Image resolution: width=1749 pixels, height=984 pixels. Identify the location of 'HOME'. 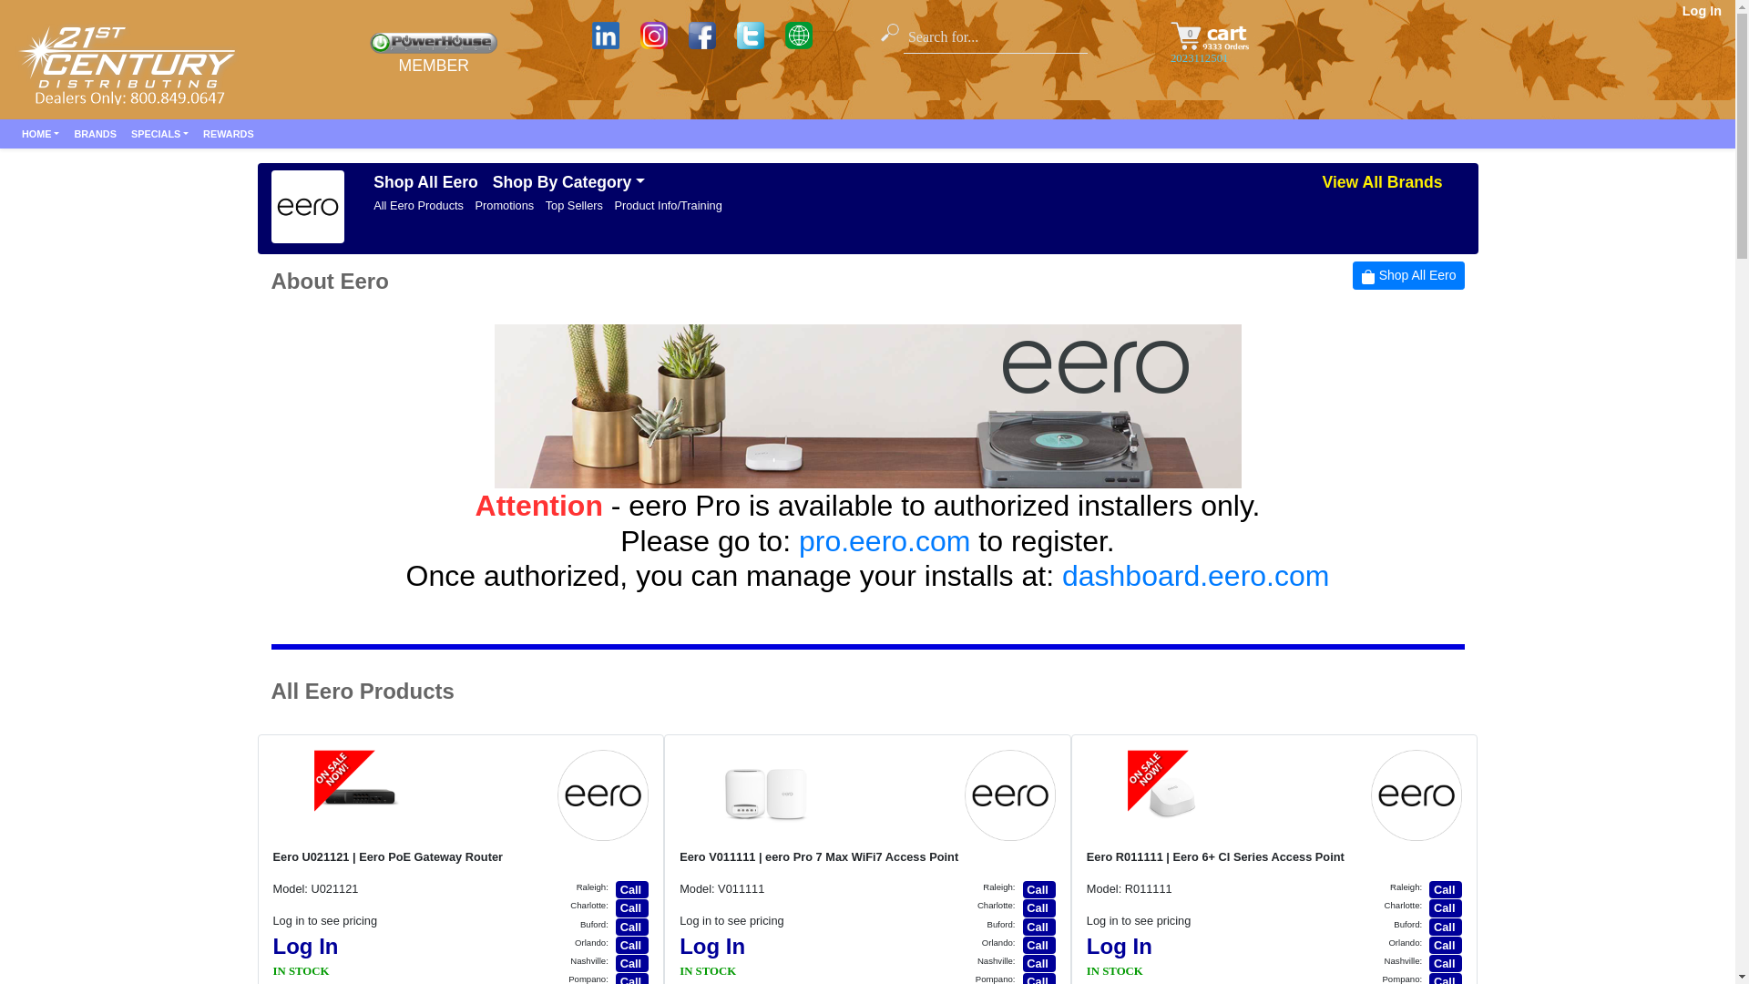
(14, 132).